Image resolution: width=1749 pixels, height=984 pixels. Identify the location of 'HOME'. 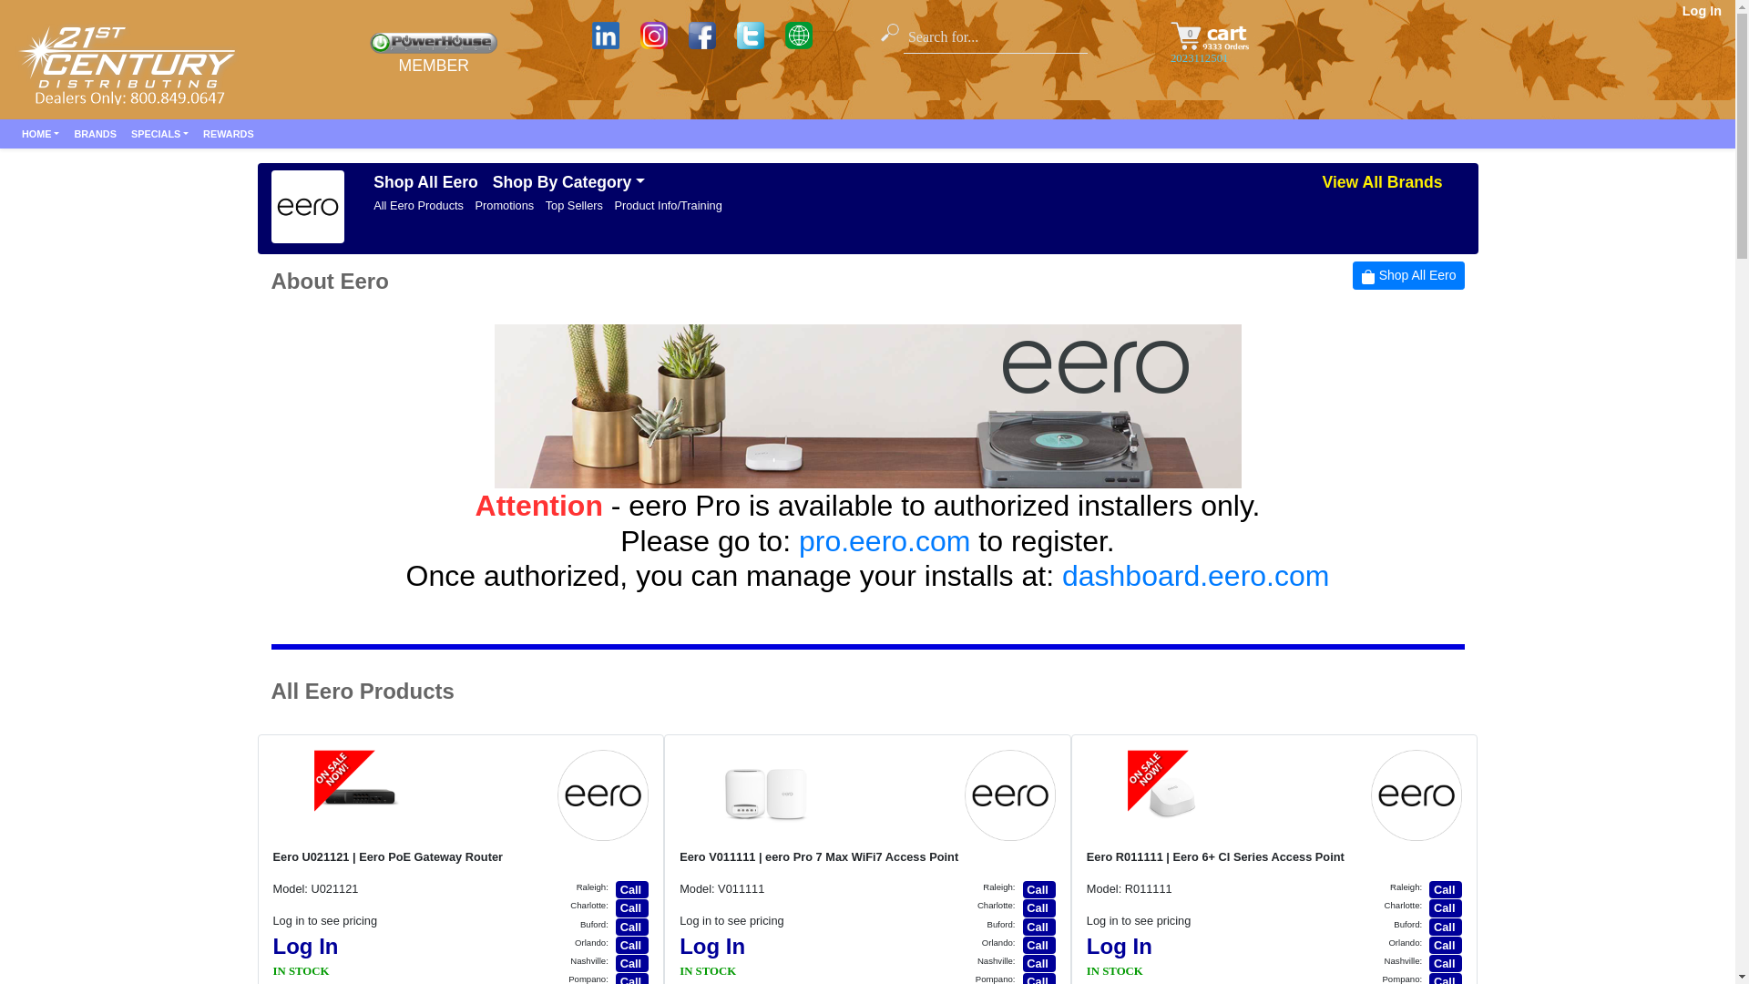
(14, 132).